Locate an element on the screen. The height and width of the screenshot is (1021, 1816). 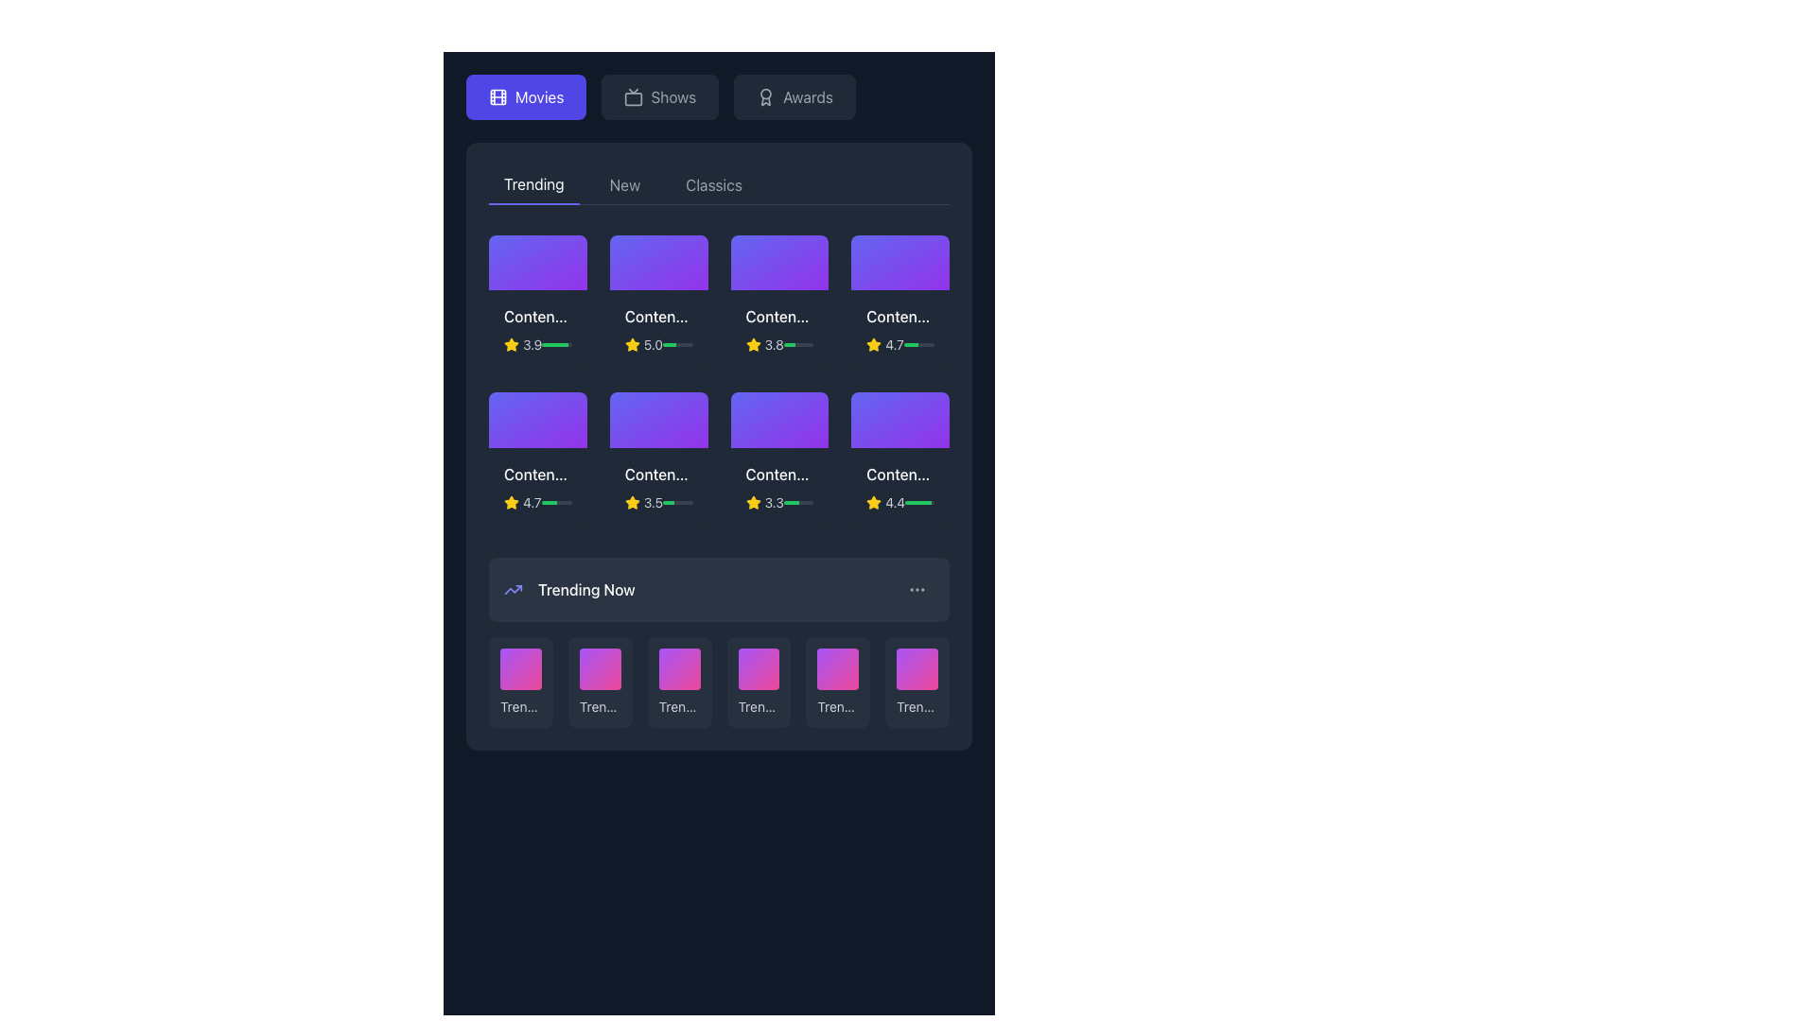
the star icon located in the third row under the 'Trending' tab, which visually represents a rating of 3.5, to highlight it is located at coordinates (632, 501).